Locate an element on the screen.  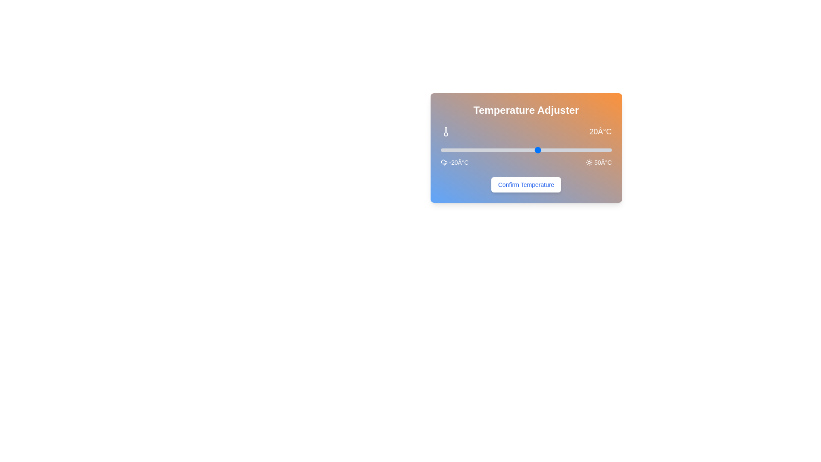
the temperature slider to -4°C is located at coordinates (479, 150).